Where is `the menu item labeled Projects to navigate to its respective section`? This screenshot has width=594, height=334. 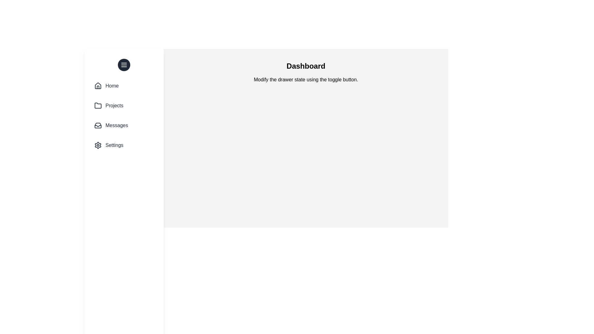
the menu item labeled Projects to navigate to its respective section is located at coordinates (124, 105).